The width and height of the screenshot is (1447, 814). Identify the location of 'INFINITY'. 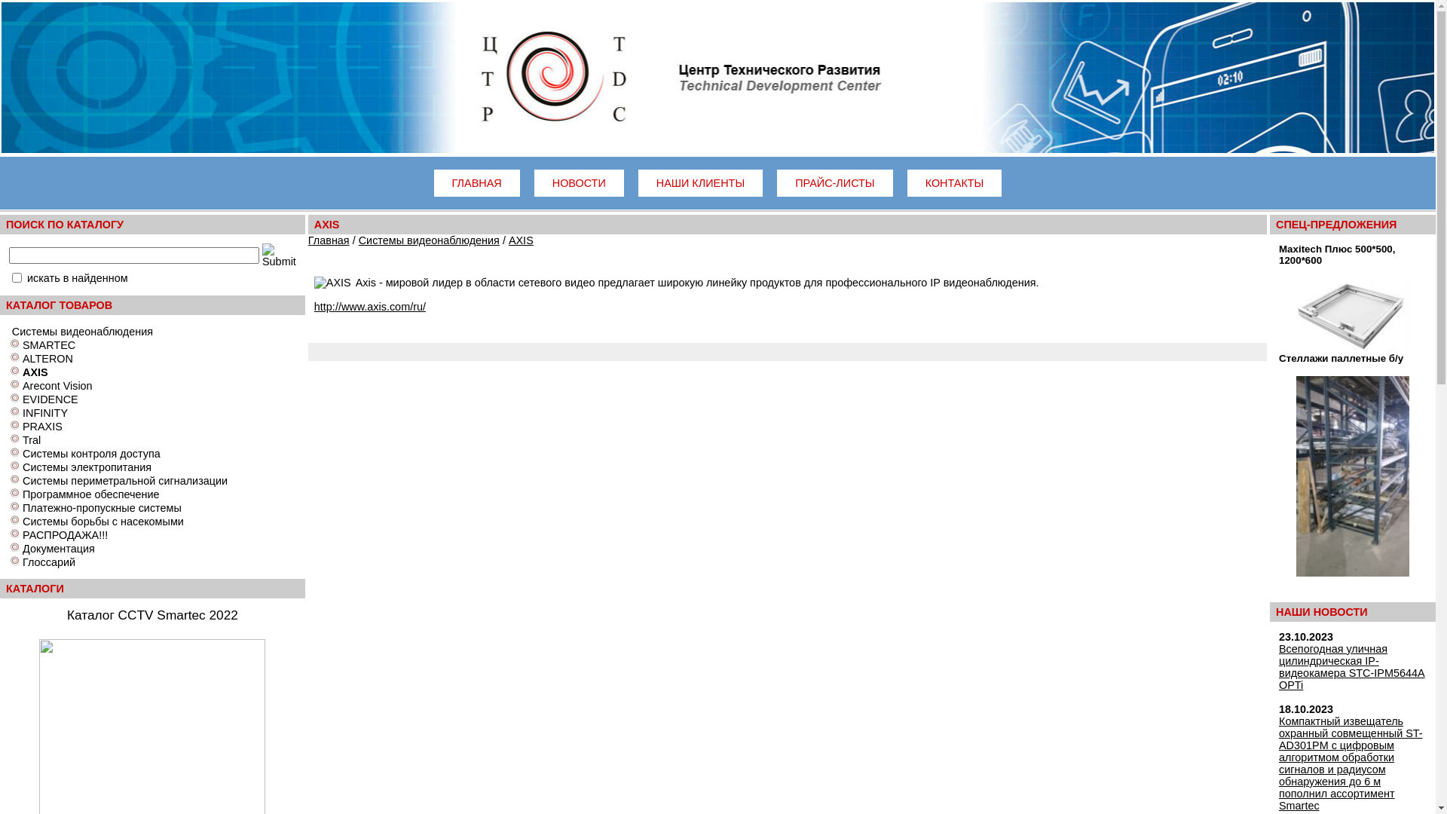
(22, 412).